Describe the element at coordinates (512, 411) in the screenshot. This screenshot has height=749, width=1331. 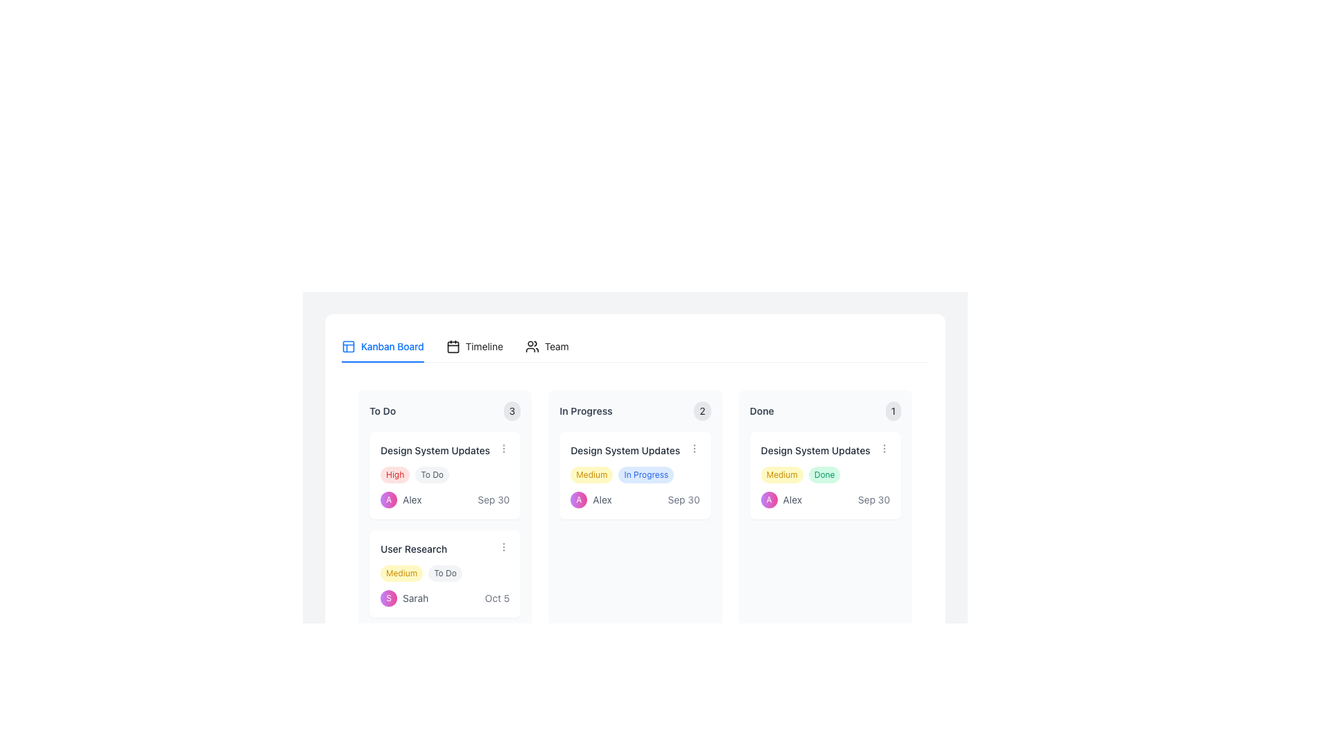
I see `the small badge or label indicating the number of items in the 'To Do' section of the Kanban board, located at the top-right corner adjacent to the section title` at that location.